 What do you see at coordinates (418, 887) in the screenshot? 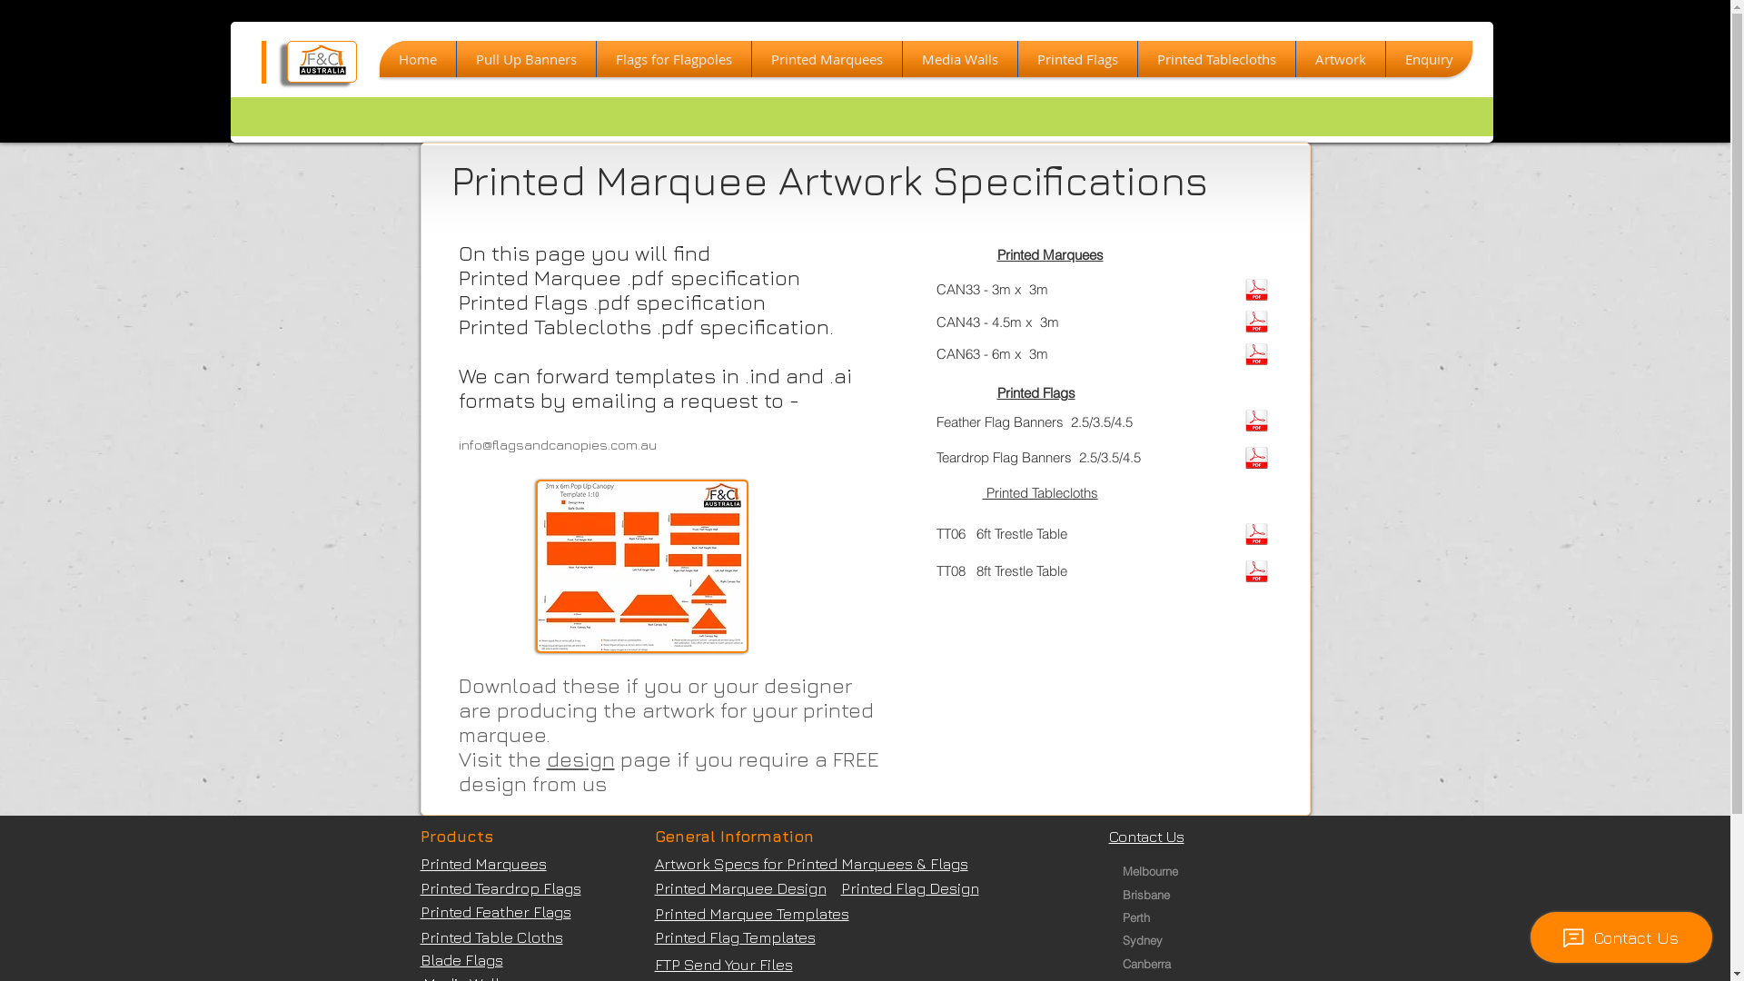
I see `'Printed Teardrop Flags'` at bounding box center [418, 887].